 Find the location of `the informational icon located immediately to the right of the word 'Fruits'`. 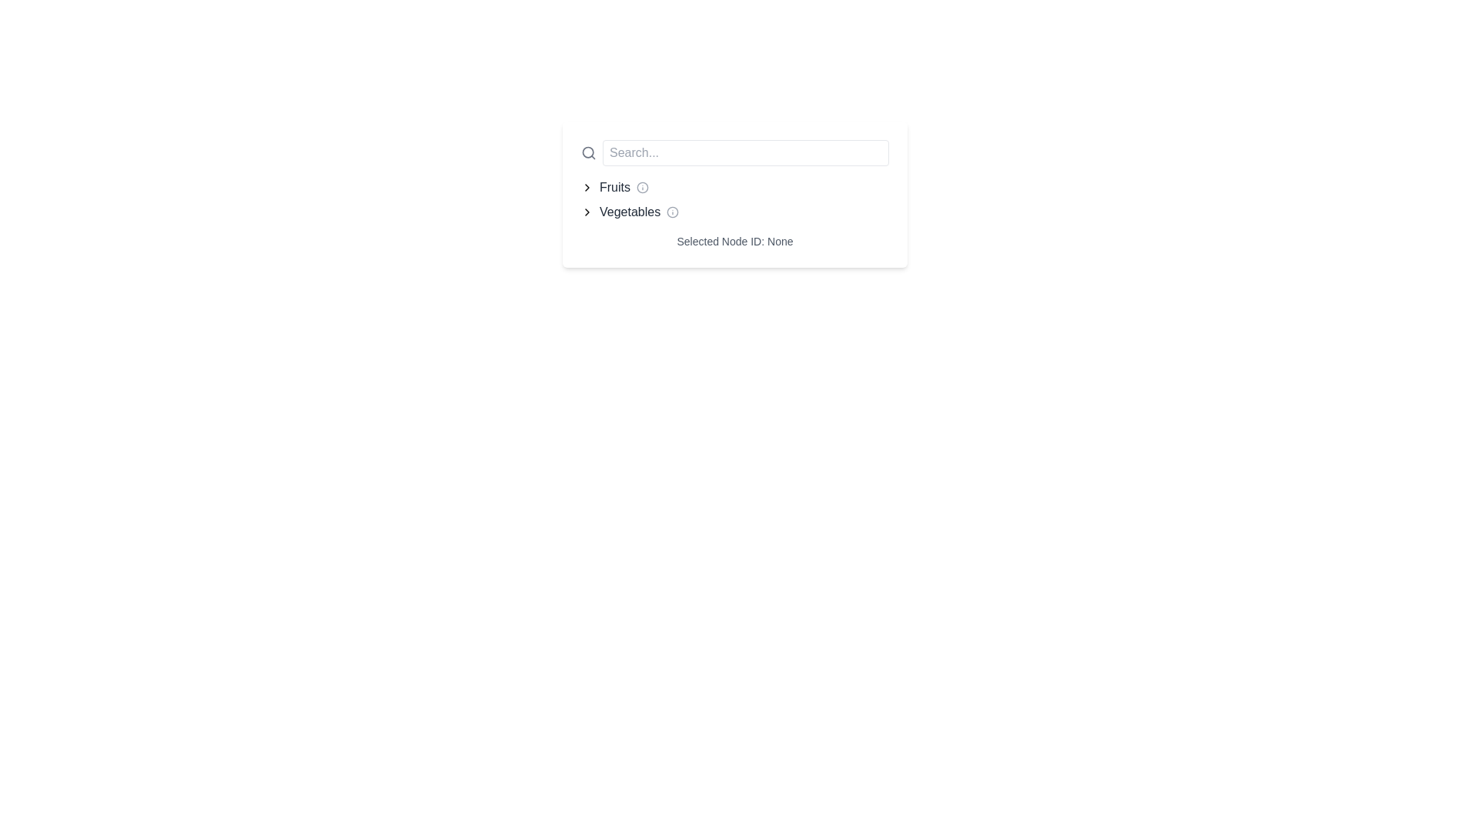

the informational icon located immediately to the right of the word 'Fruits' is located at coordinates (643, 186).